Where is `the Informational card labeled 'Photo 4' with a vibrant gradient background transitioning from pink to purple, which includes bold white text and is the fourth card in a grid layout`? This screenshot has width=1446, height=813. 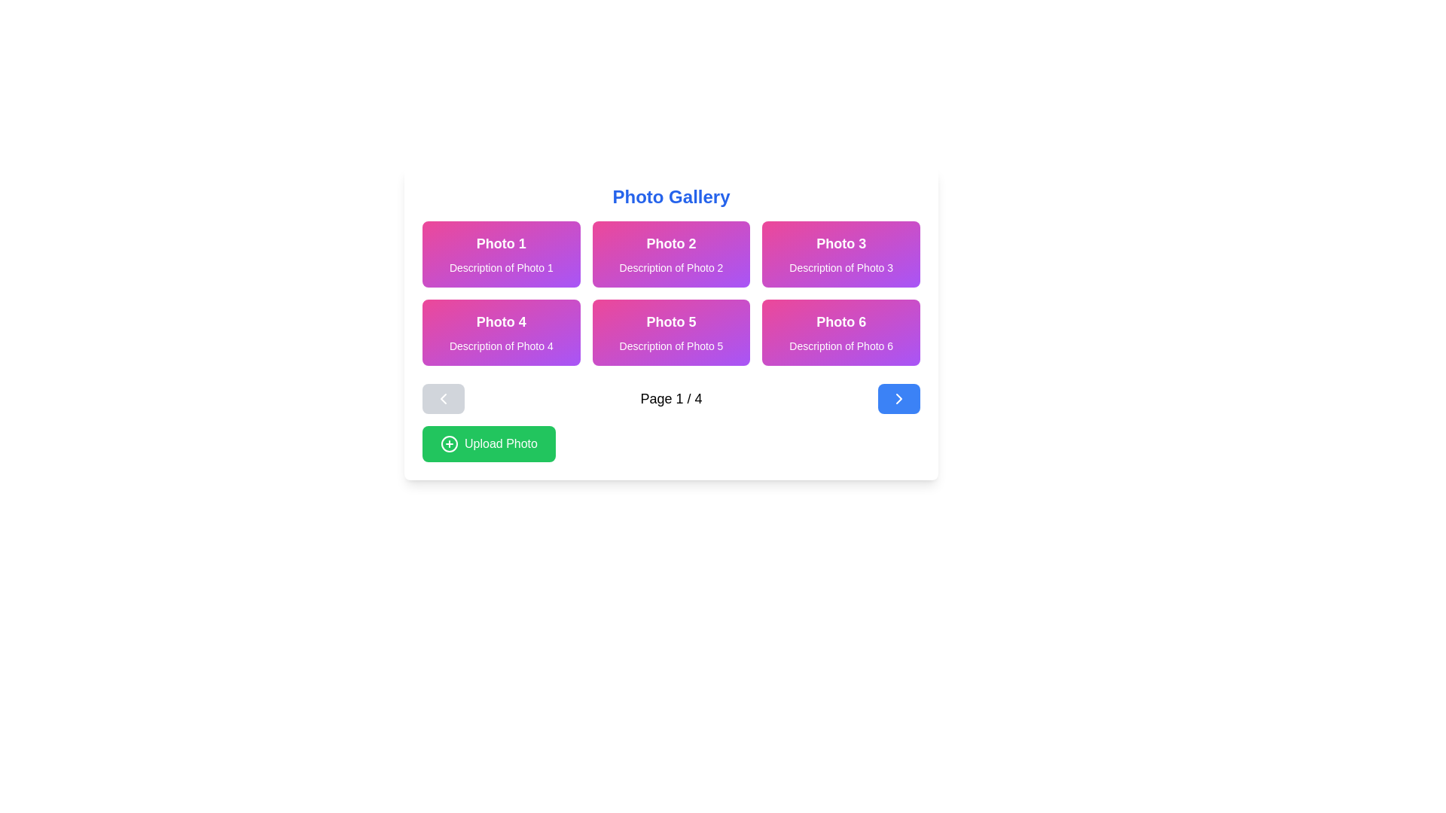
the Informational card labeled 'Photo 4' with a vibrant gradient background transitioning from pink to purple, which includes bold white text and is the fourth card in a grid layout is located at coordinates (501, 332).